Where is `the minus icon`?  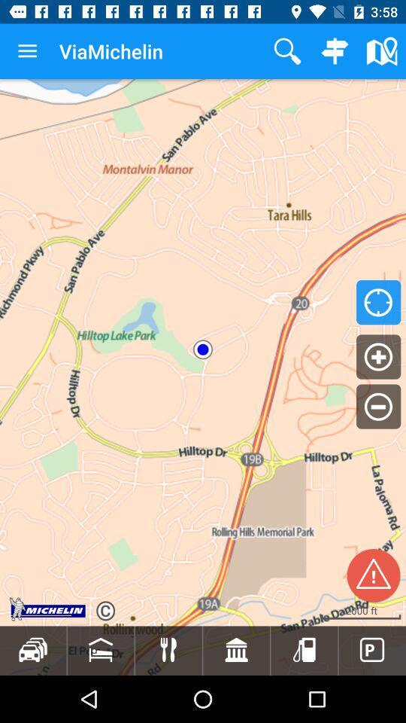
the minus icon is located at coordinates (377, 405).